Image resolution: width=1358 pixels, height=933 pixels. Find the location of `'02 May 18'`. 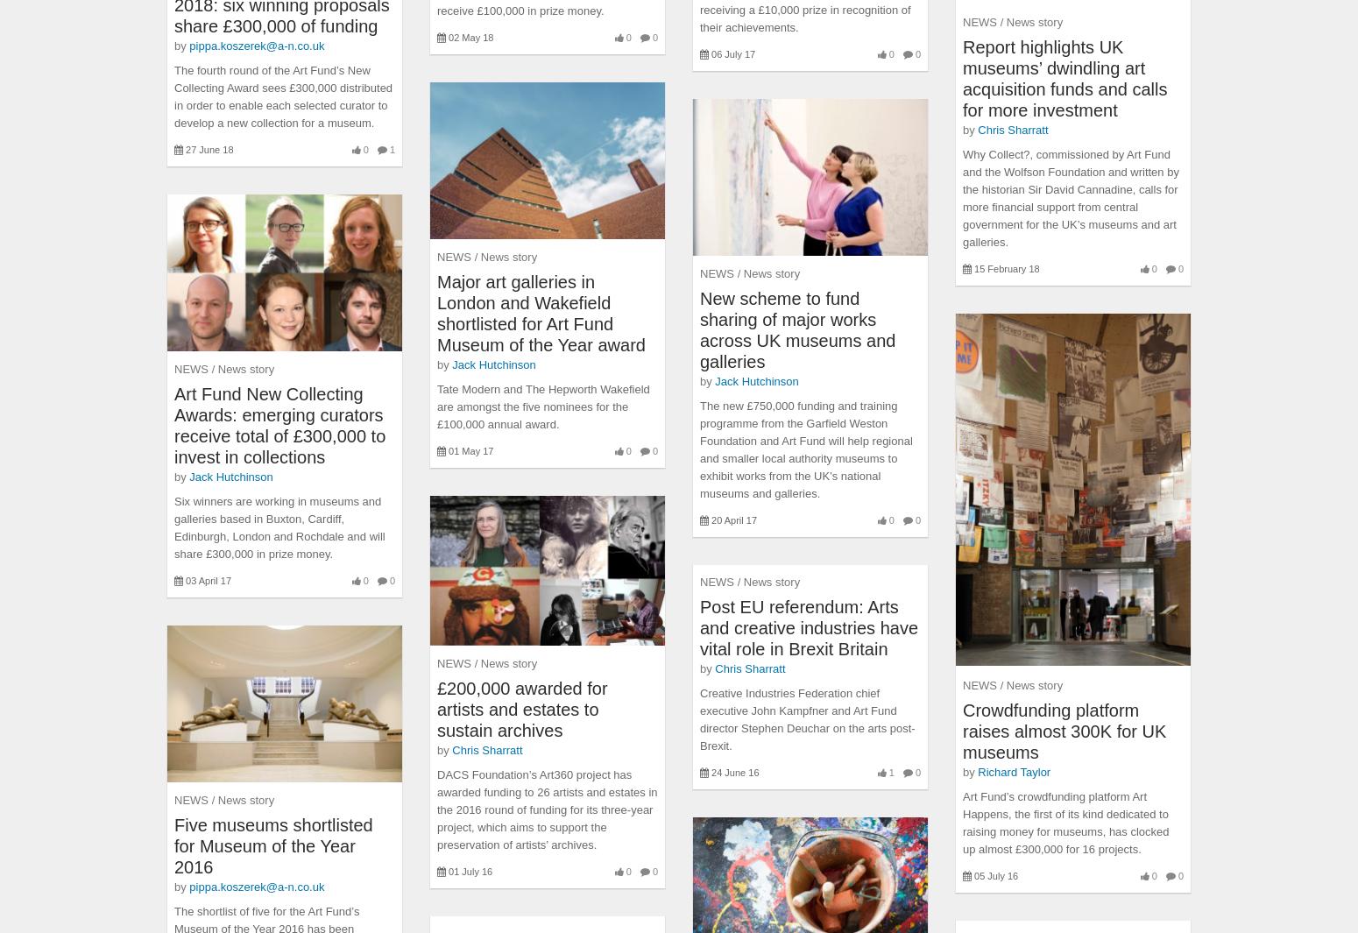

'02 May 18' is located at coordinates (447, 37).